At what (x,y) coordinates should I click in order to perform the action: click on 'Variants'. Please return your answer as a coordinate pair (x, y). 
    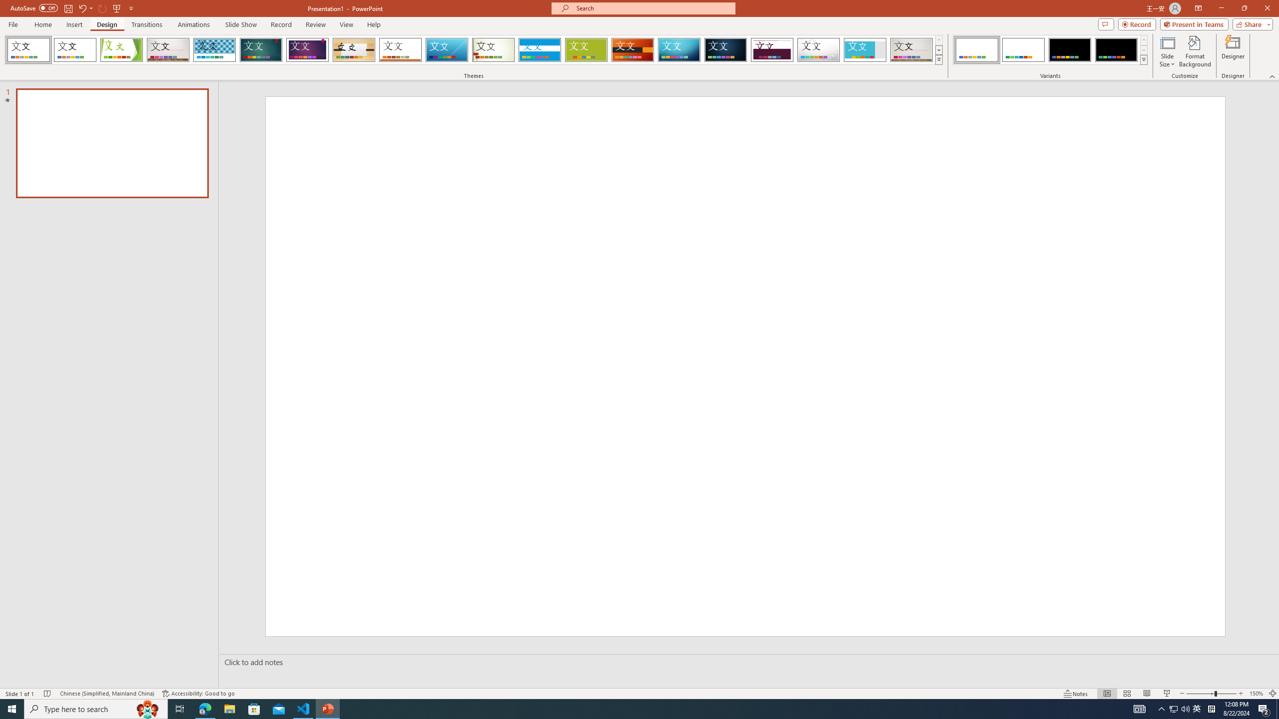
    Looking at the image, I should click on (1143, 59).